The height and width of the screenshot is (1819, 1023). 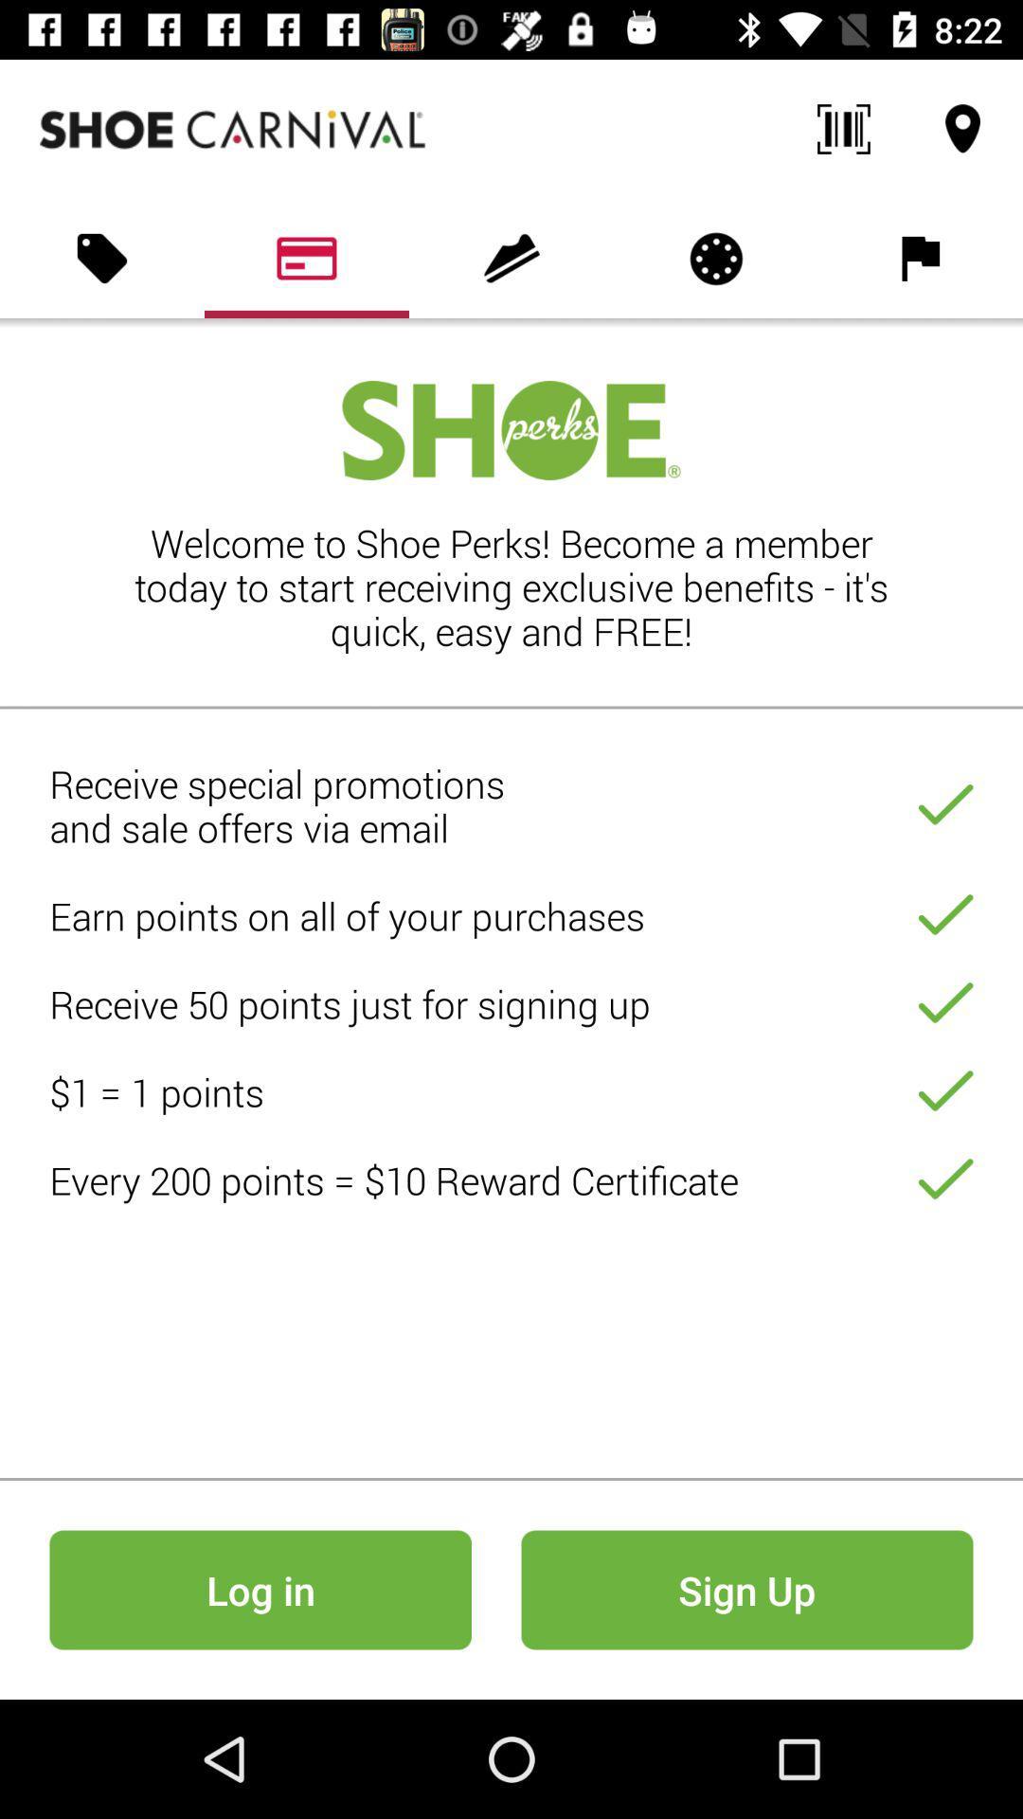 I want to click on gps, so click(x=963, y=129).